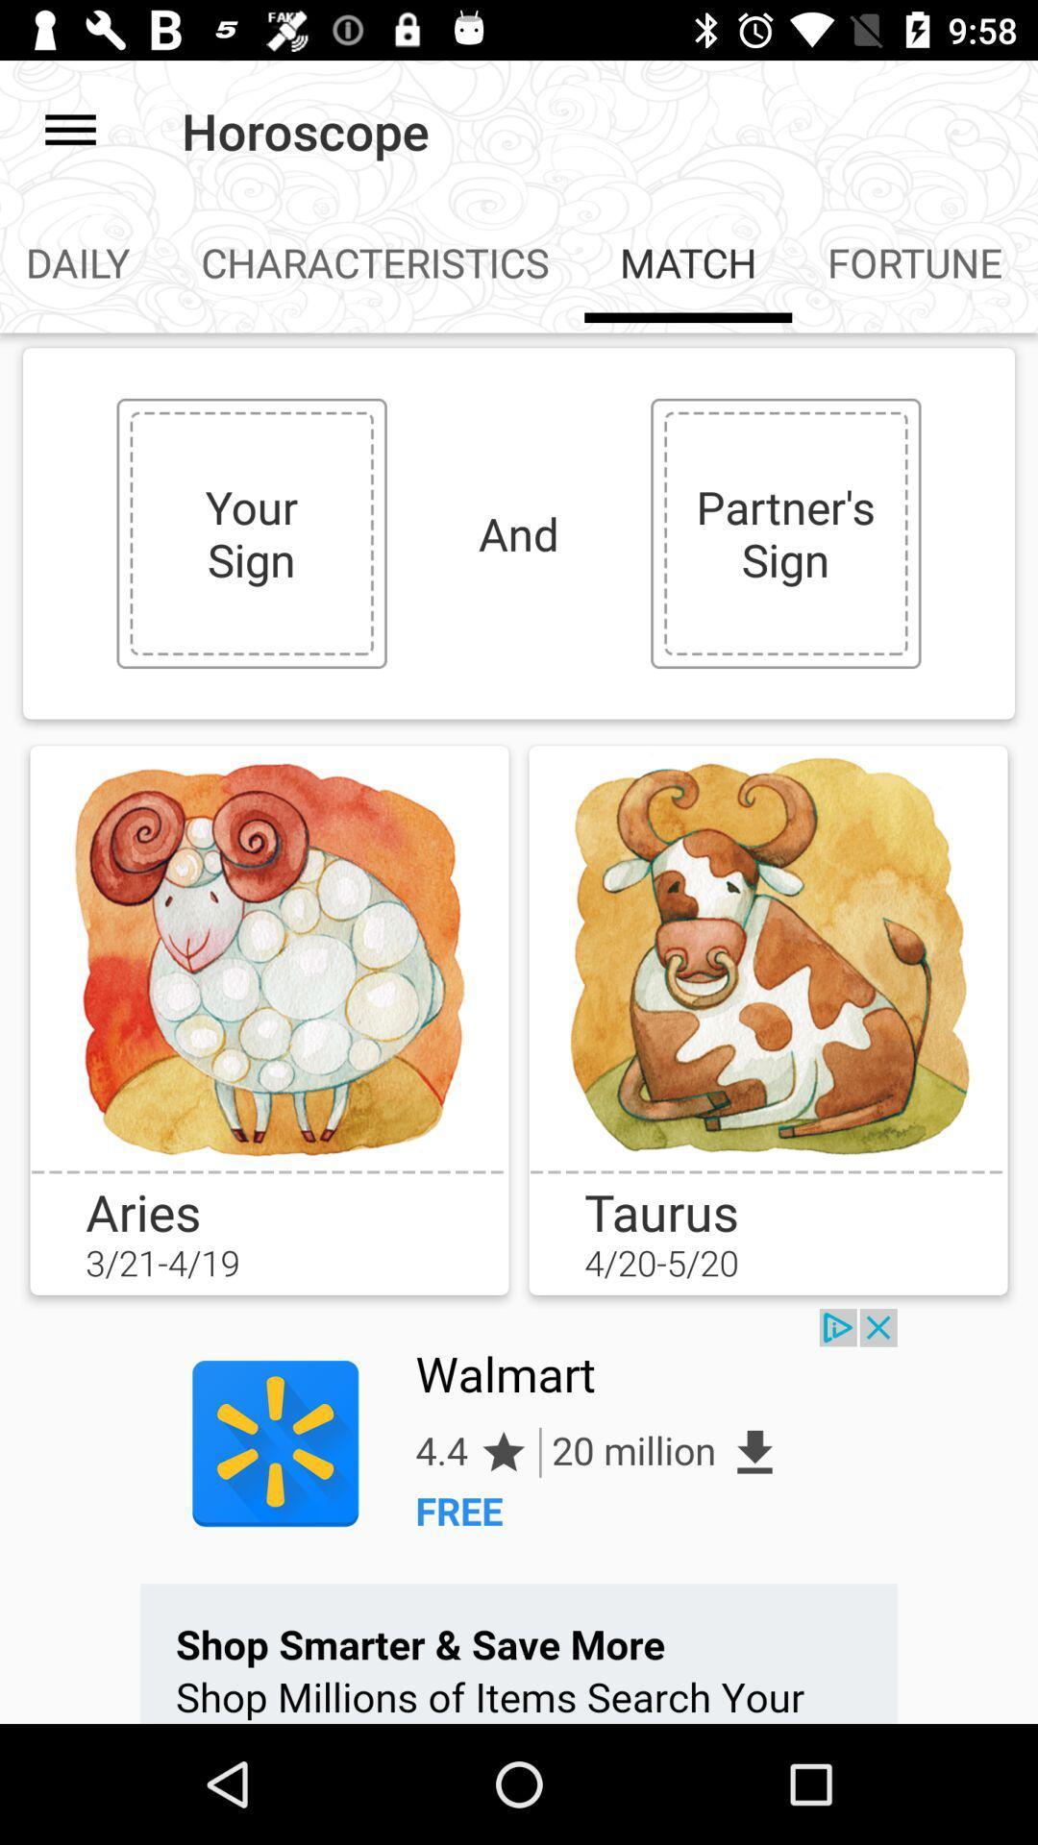  What do you see at coordinates (767, 957) in the screenshot?
I see `image to box` at bounding box center [767, 957].